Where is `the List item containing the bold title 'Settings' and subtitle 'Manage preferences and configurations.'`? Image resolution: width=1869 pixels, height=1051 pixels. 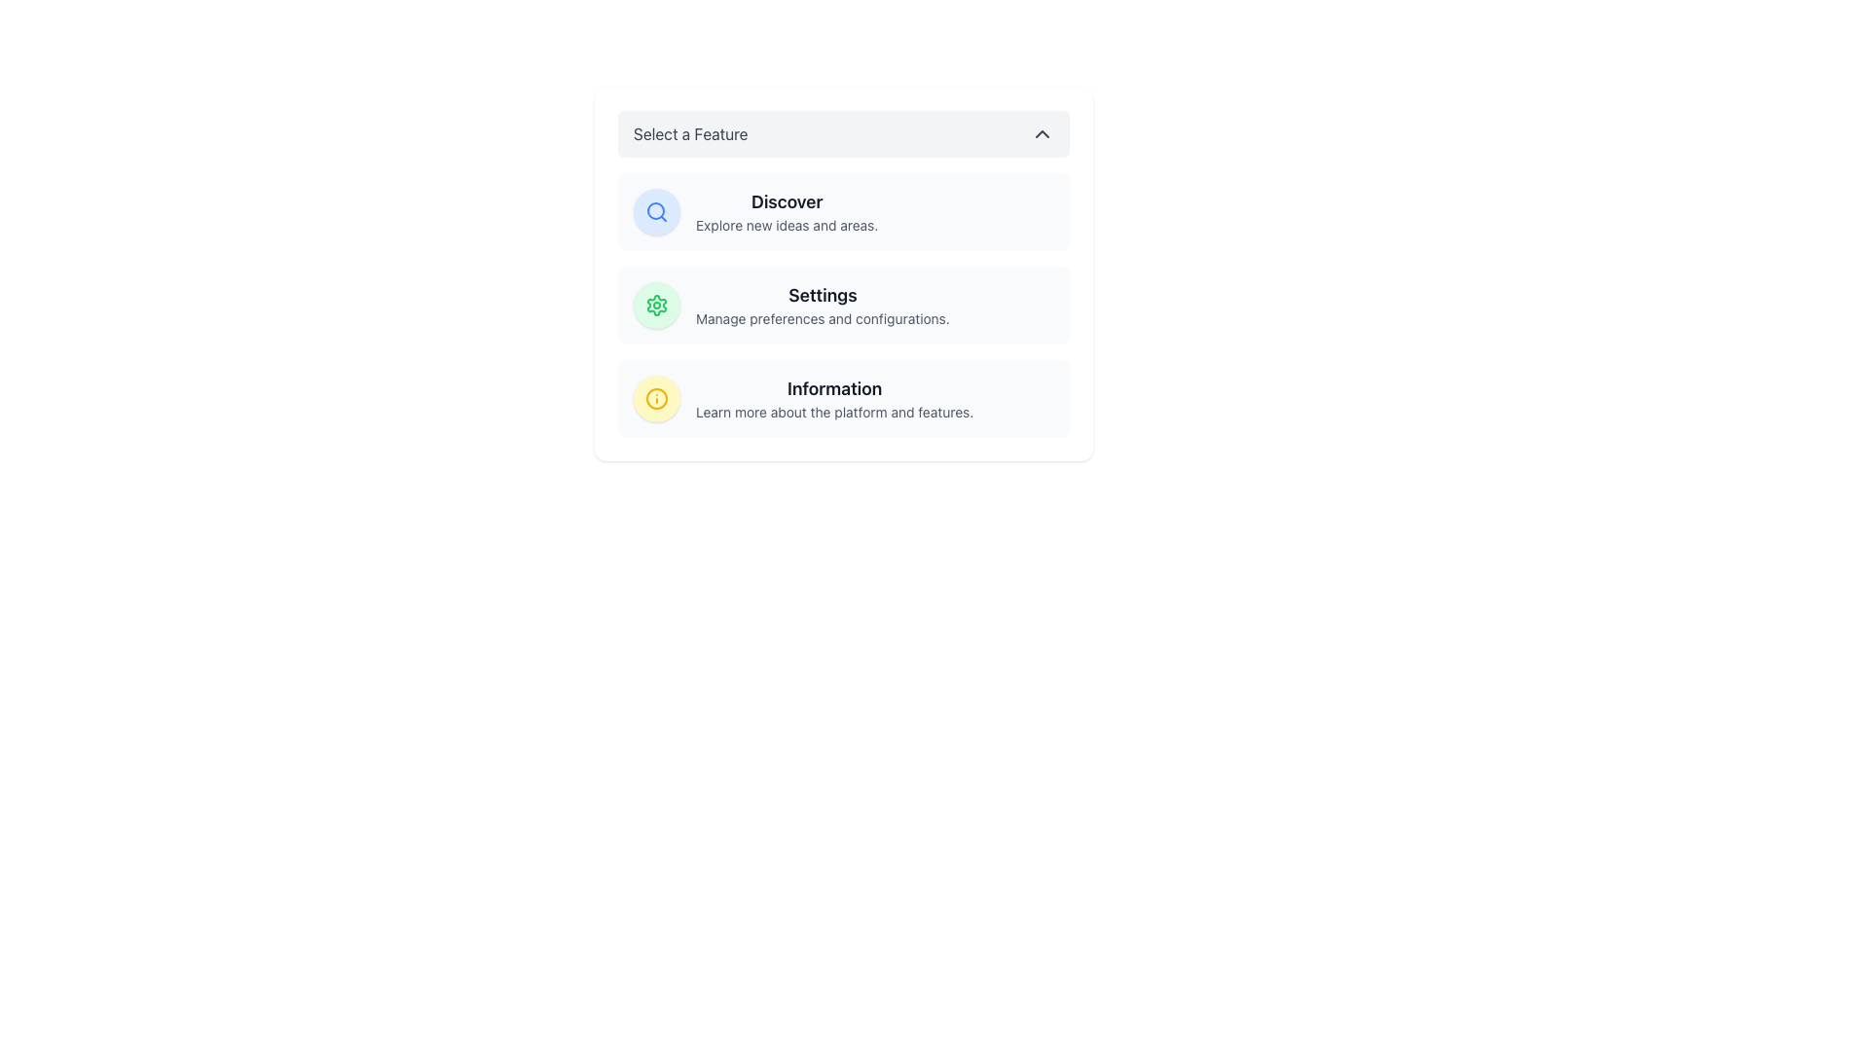 the List item containing the bold title 'Settings' and subtitle 'Manage preferences and configurations.' is located at coordinates (823, 305).